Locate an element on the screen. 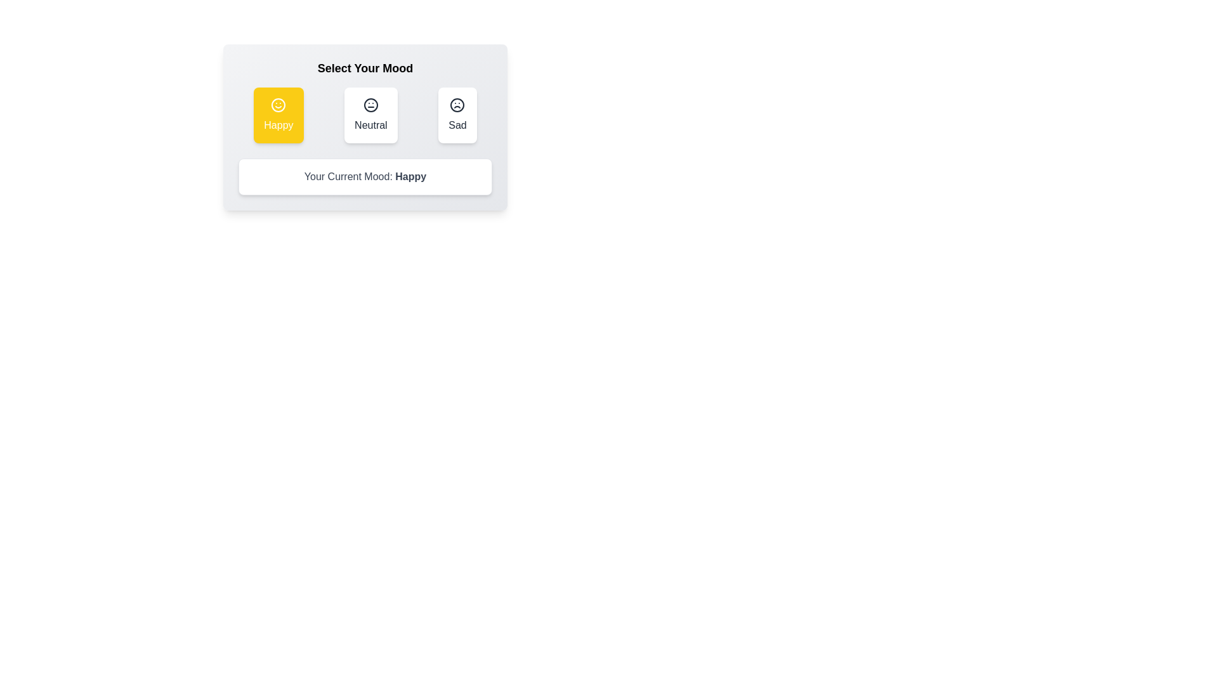 This screenshot has width=1218, height=685. the mood button labeled Neutral to see its interactive visual effects is located at coordinates (370, 115).